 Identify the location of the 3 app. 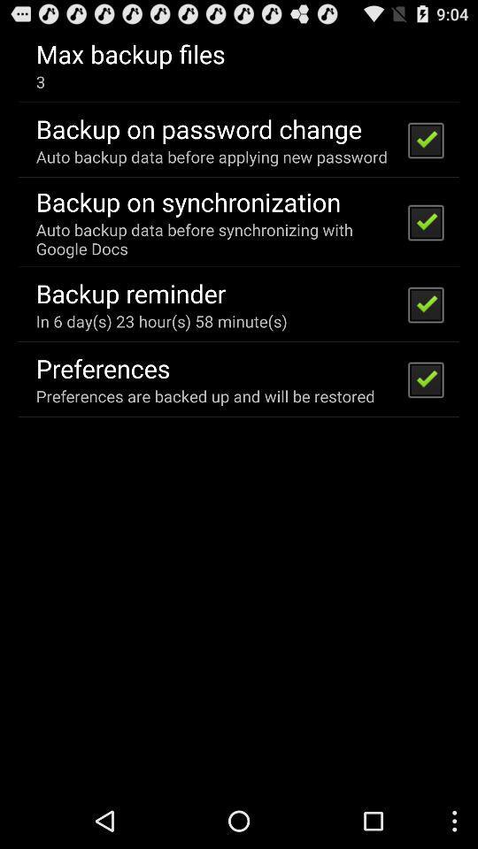
(41, 81).